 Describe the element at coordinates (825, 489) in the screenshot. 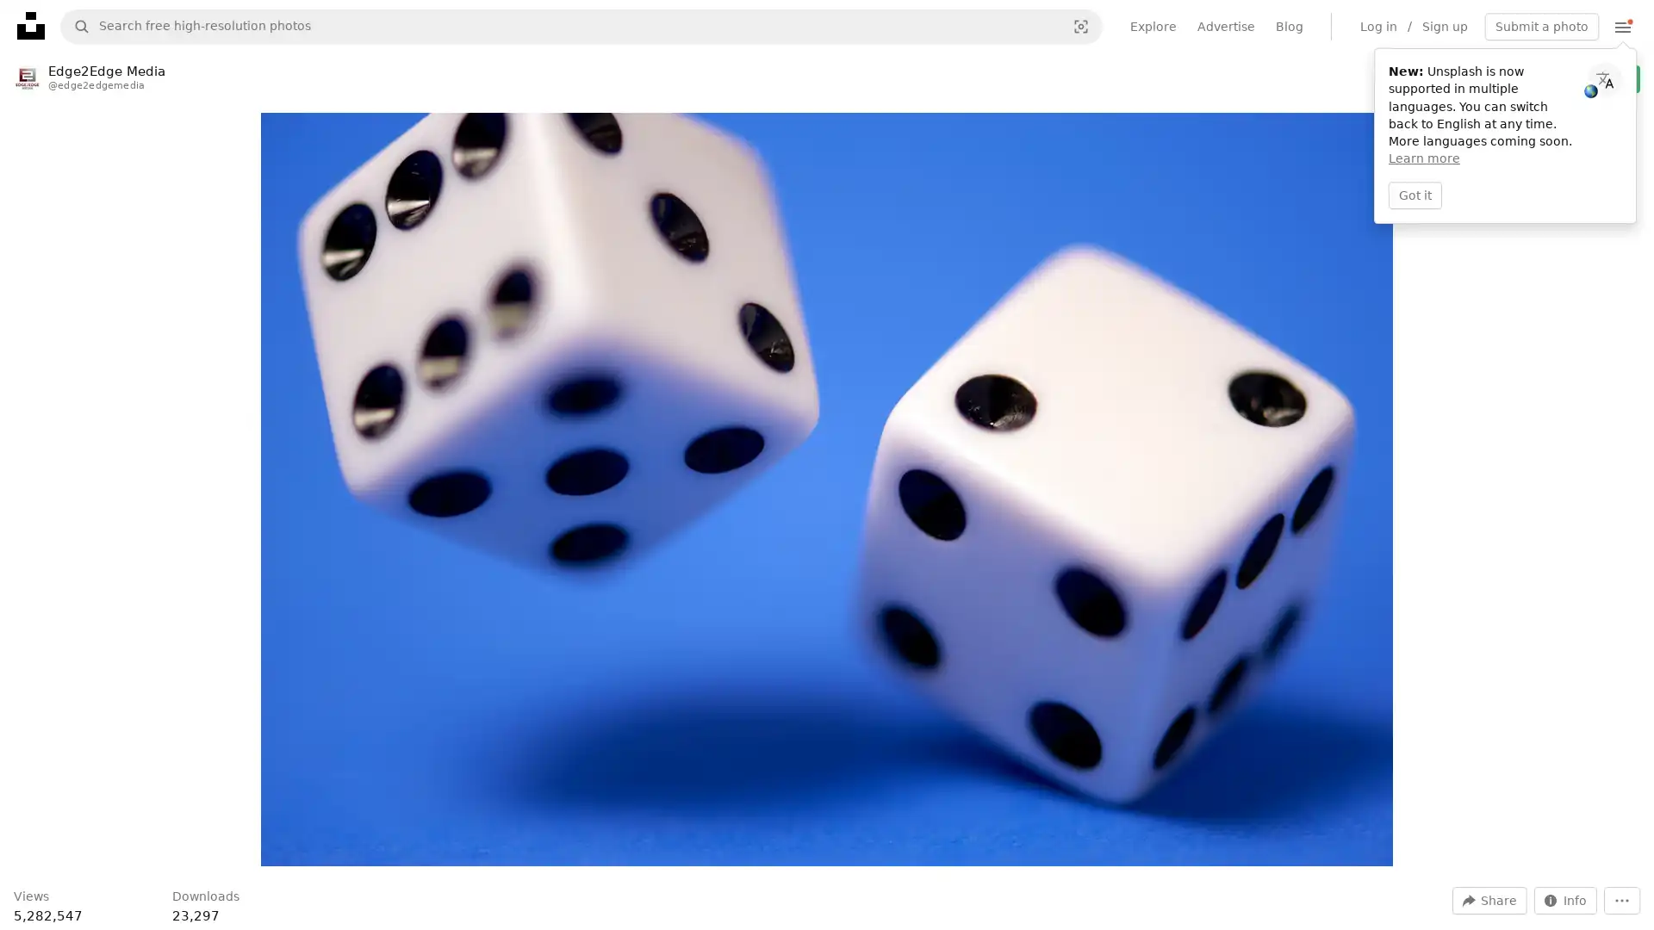

I see `2 white dices on blue surface` at that location.